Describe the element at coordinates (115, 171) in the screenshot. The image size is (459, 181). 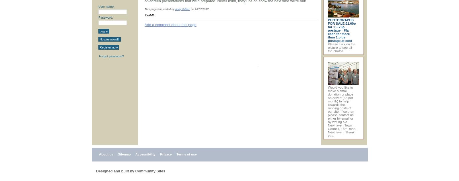
I see `'Designed and built by'` at that location.